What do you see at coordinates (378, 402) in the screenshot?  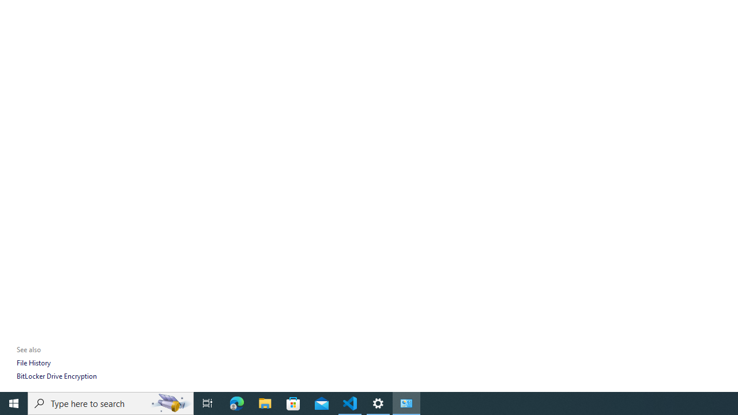 I see `'Settings - 1 running window'` at bounding box center [378, 402].